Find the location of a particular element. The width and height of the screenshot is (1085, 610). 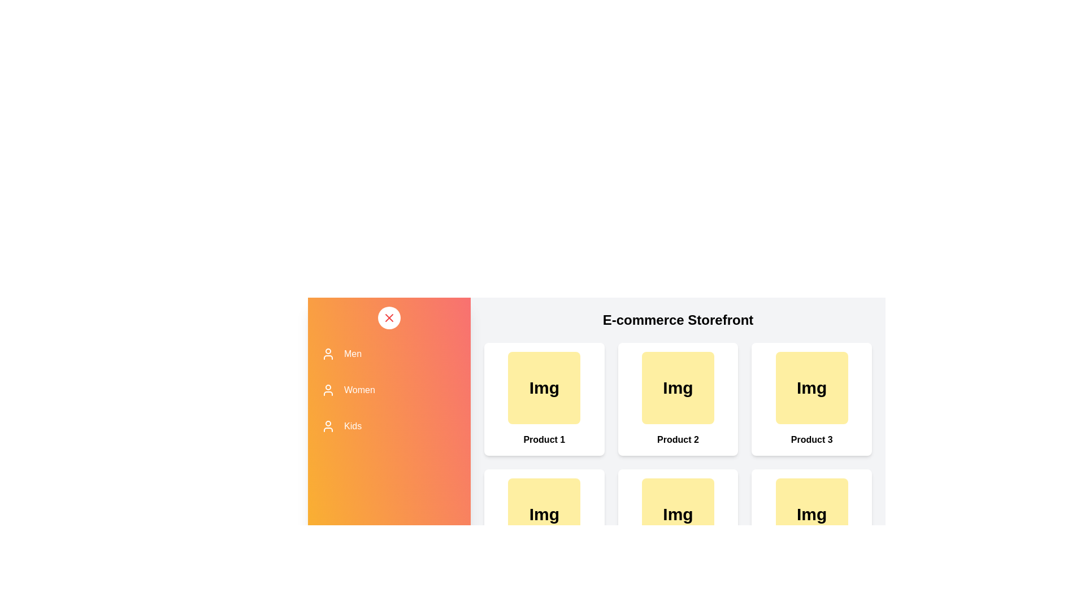

the category Women to observe its hover effect is located at coordinates (389, 389).